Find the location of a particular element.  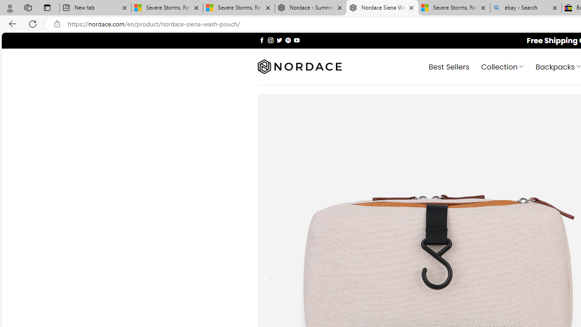

' Best Sellers' is located at coordinates (449, 66).